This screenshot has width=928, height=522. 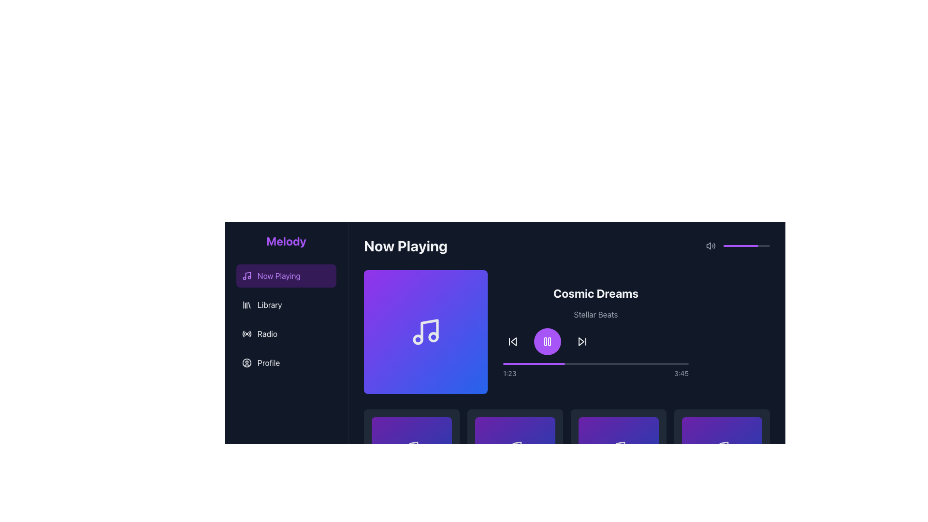 I want to click on the text label providing additional contextual information about 'Cosmic Dreams', located centrally underneath it, so click(x=595, y=315).